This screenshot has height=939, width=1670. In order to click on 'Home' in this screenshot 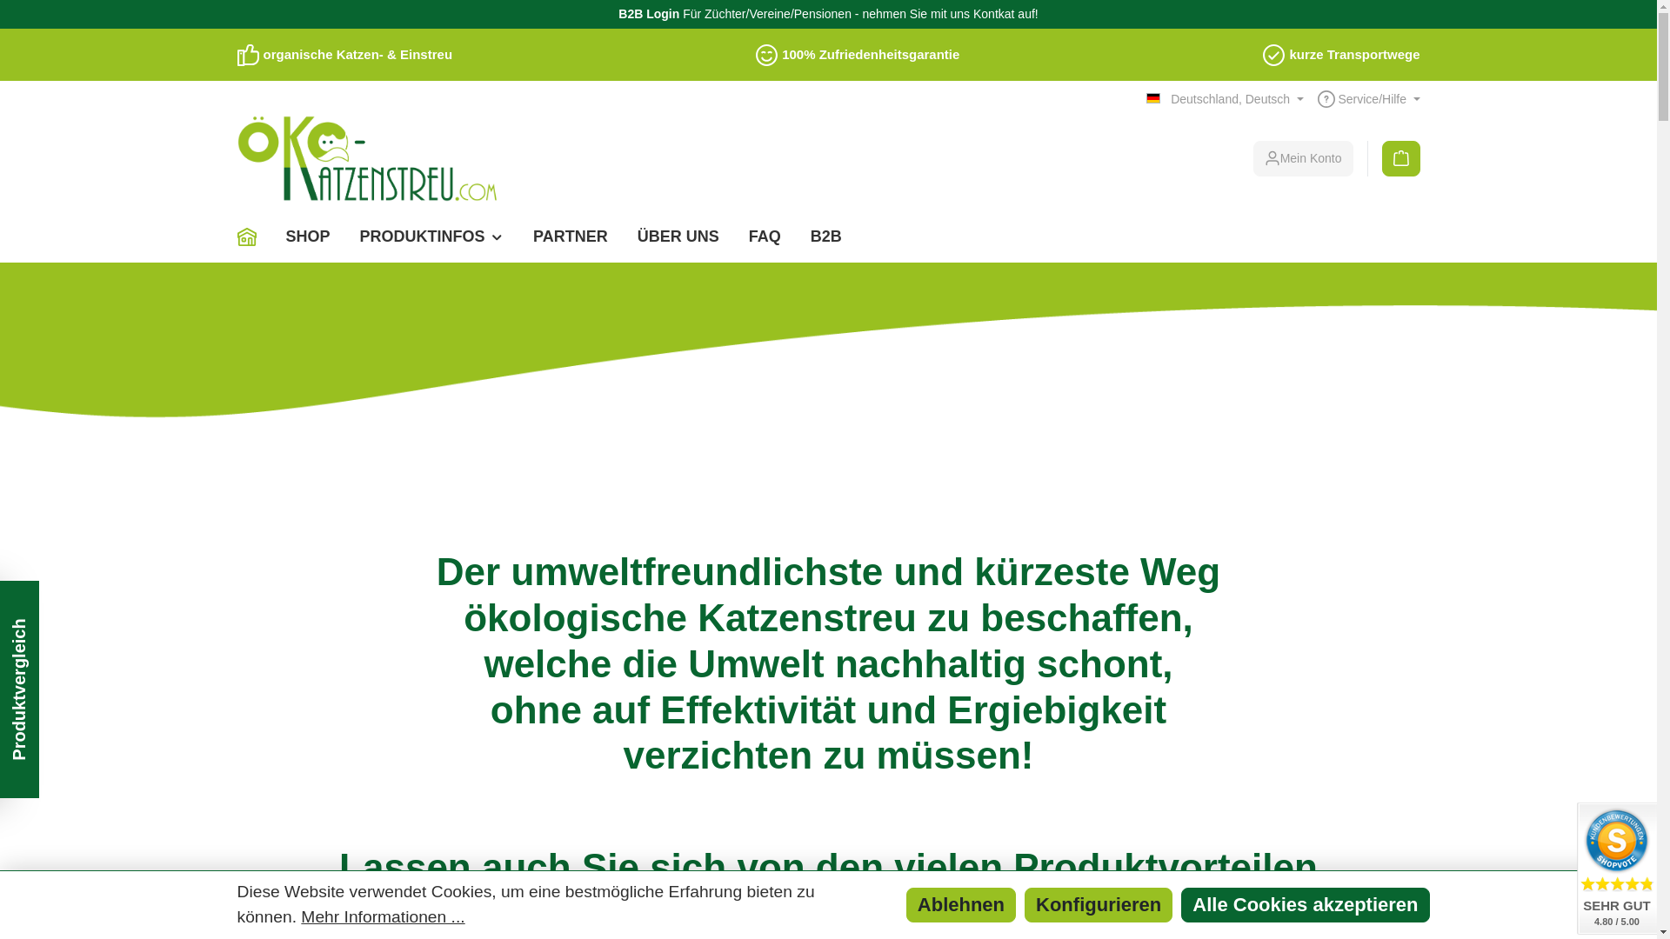, I will do `click(252, 236)`.